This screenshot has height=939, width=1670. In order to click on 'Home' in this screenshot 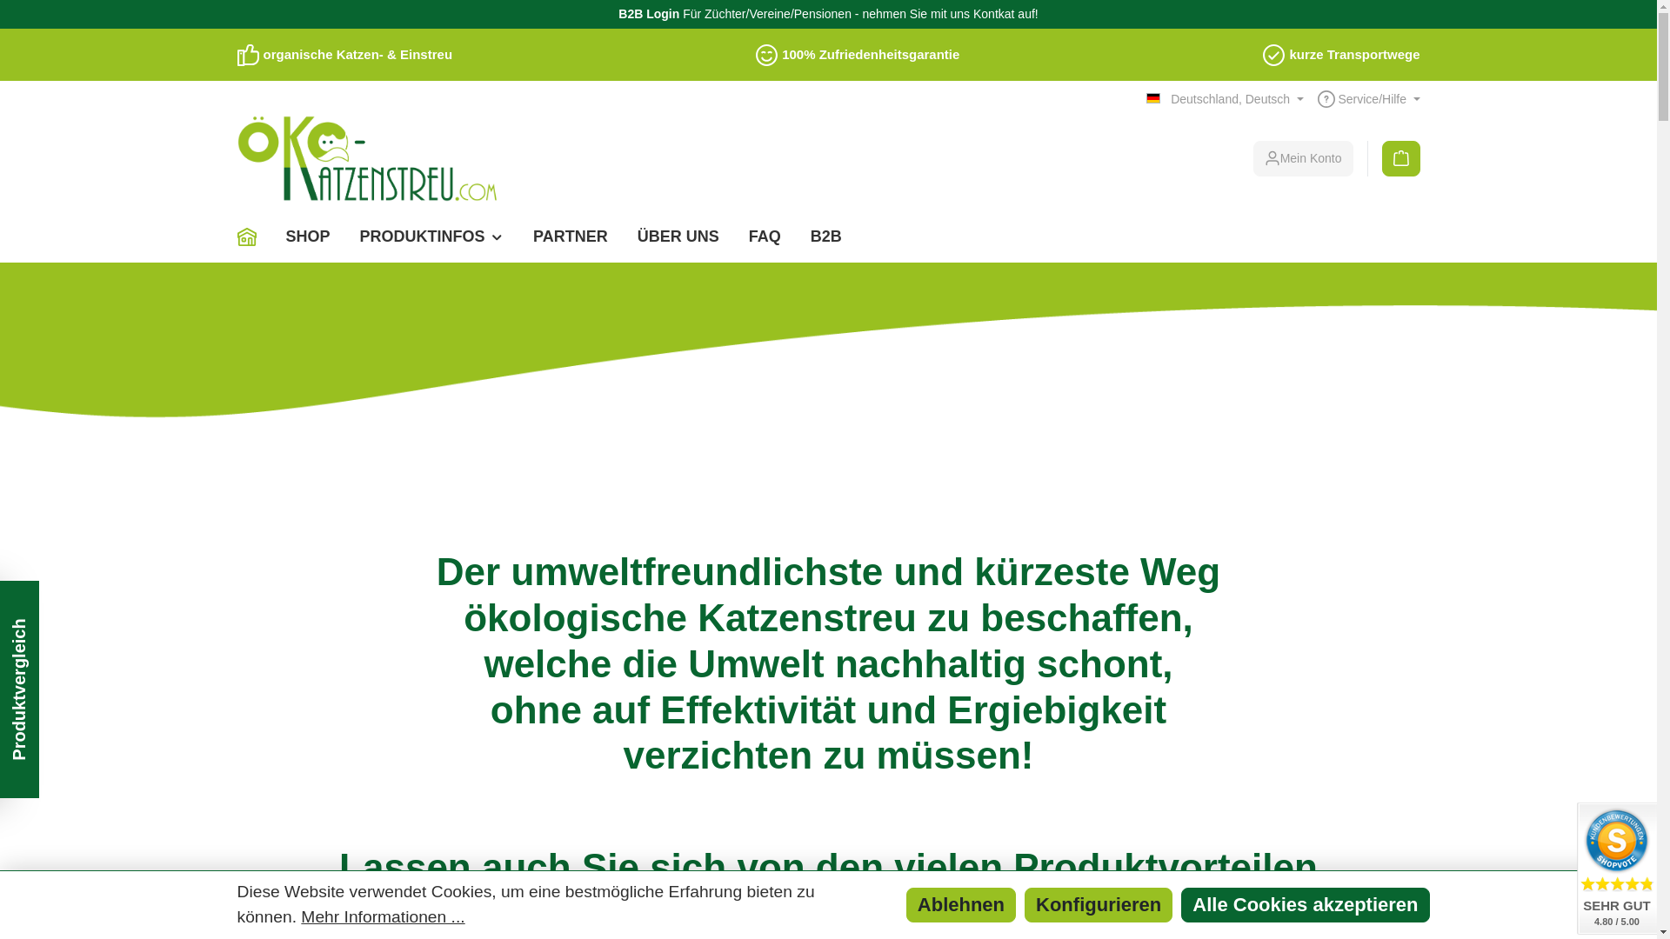, I will do `click(252, 236)`.